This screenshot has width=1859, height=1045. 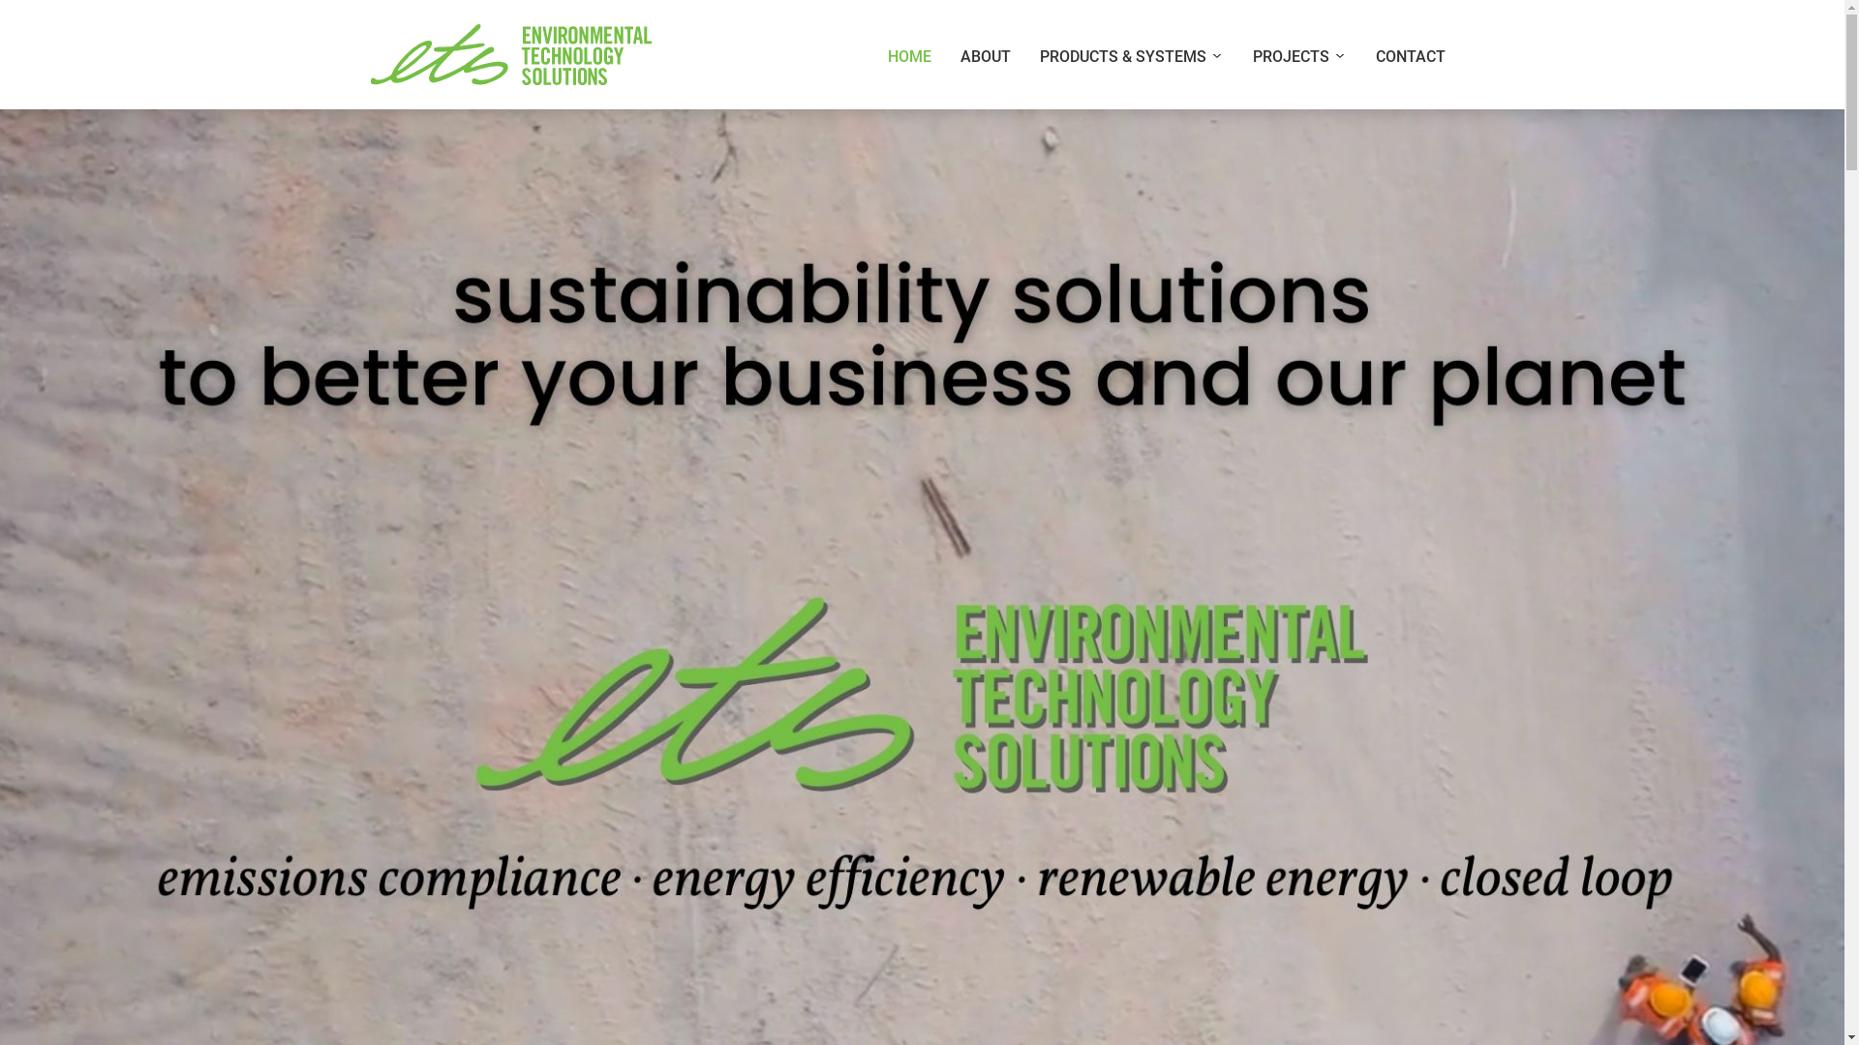 I want to click on 'PRODUCTS & SYSTEMS', so click(x=1022, y=55).